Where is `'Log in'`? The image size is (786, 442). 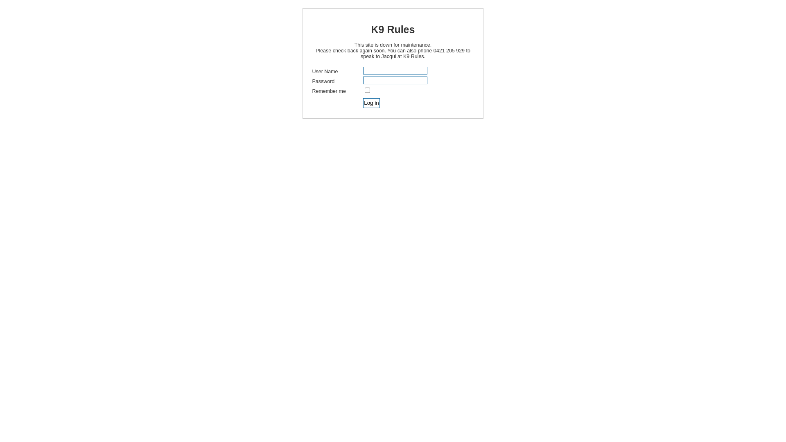 'Log in' is located at coordinates (371, 102).